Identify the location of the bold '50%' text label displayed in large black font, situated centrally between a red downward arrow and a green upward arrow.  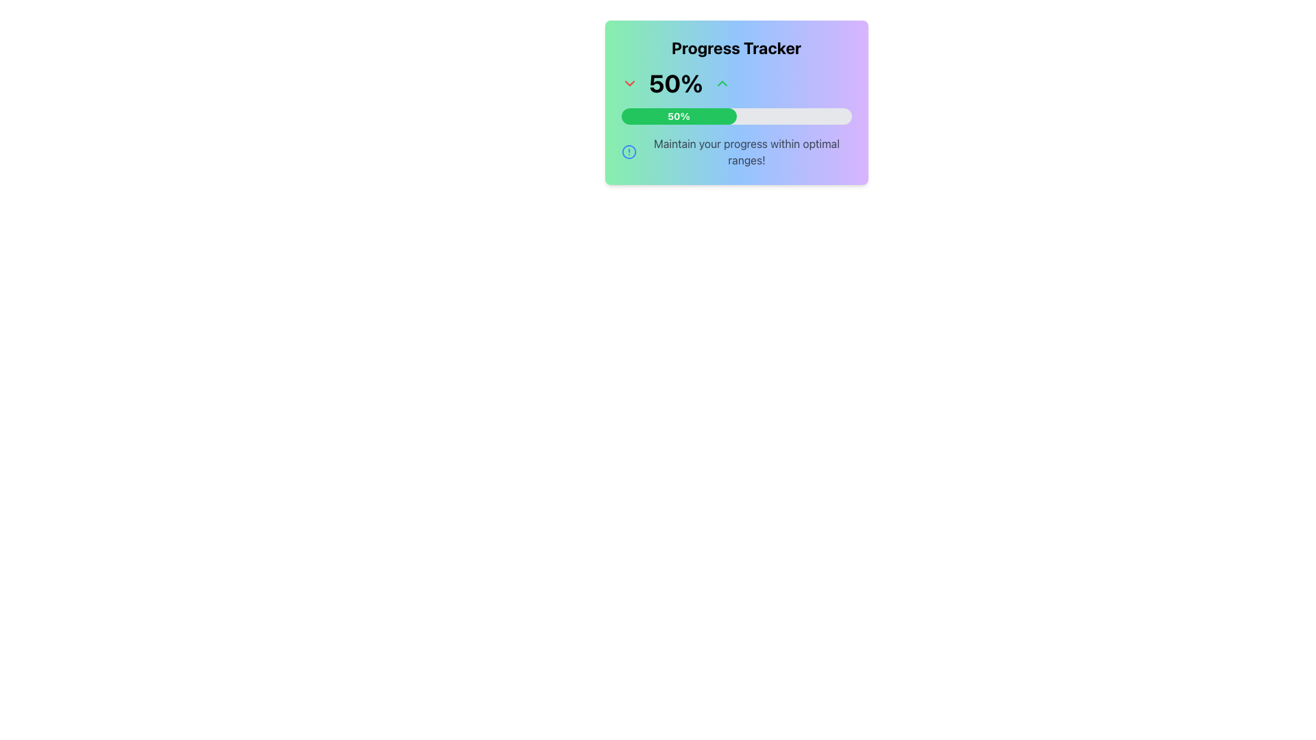
(676, 84).